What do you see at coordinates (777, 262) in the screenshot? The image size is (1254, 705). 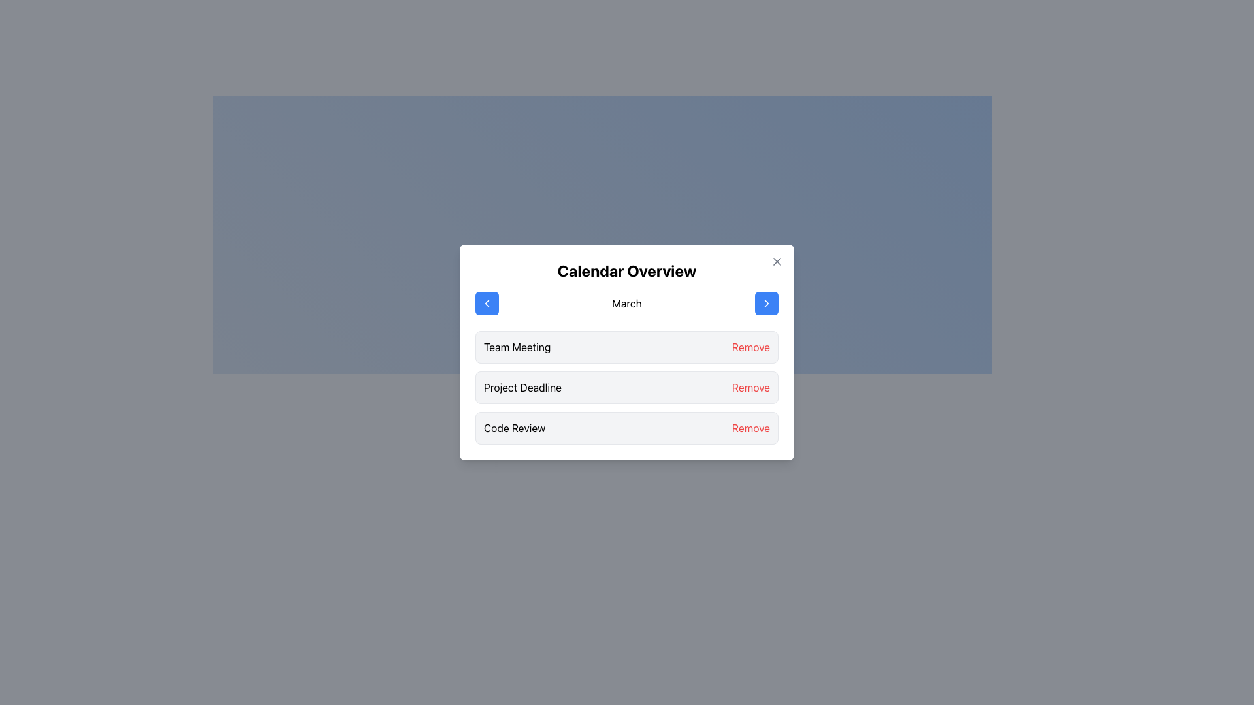 I see `the close icon element located in the top-right corner of the white rectangular modal, which is part of the Calendar Overview header` at bounding box center [777, 262].